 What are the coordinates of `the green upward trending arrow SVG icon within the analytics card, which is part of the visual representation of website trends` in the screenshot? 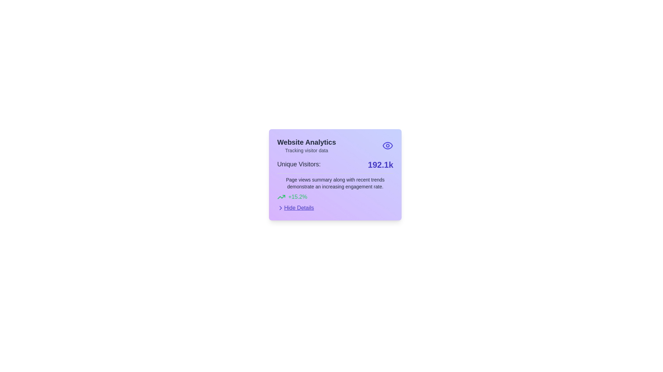 It's located at (281, 197).